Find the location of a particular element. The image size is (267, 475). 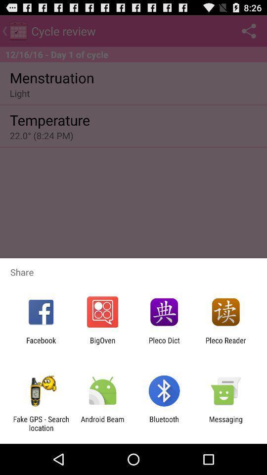

the item to the left of messaging is located at coordinates (164, 423).